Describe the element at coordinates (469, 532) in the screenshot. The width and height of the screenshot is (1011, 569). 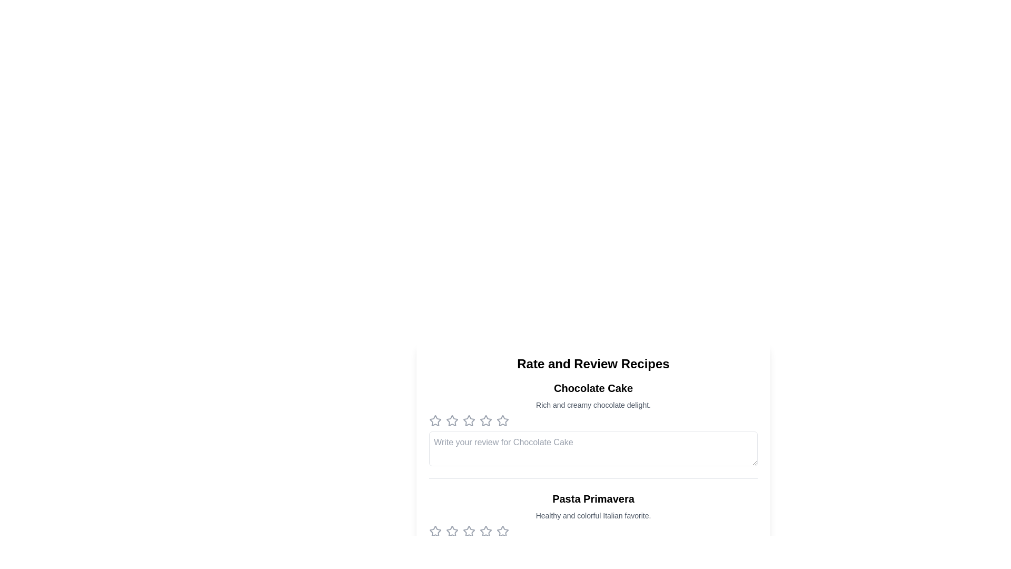
I see `the third star-shaped rating button located below the 'Pasta Primavera' heading to rate it` at that location.